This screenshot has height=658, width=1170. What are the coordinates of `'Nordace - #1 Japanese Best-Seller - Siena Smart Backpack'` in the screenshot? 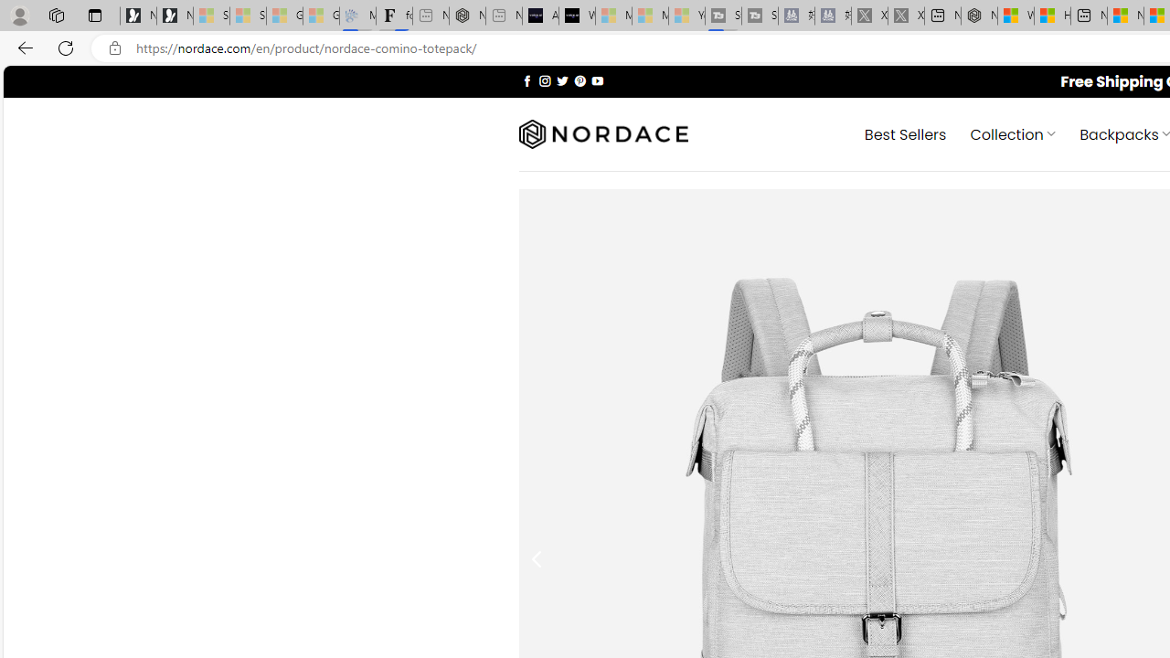 It's located at (467, 16).